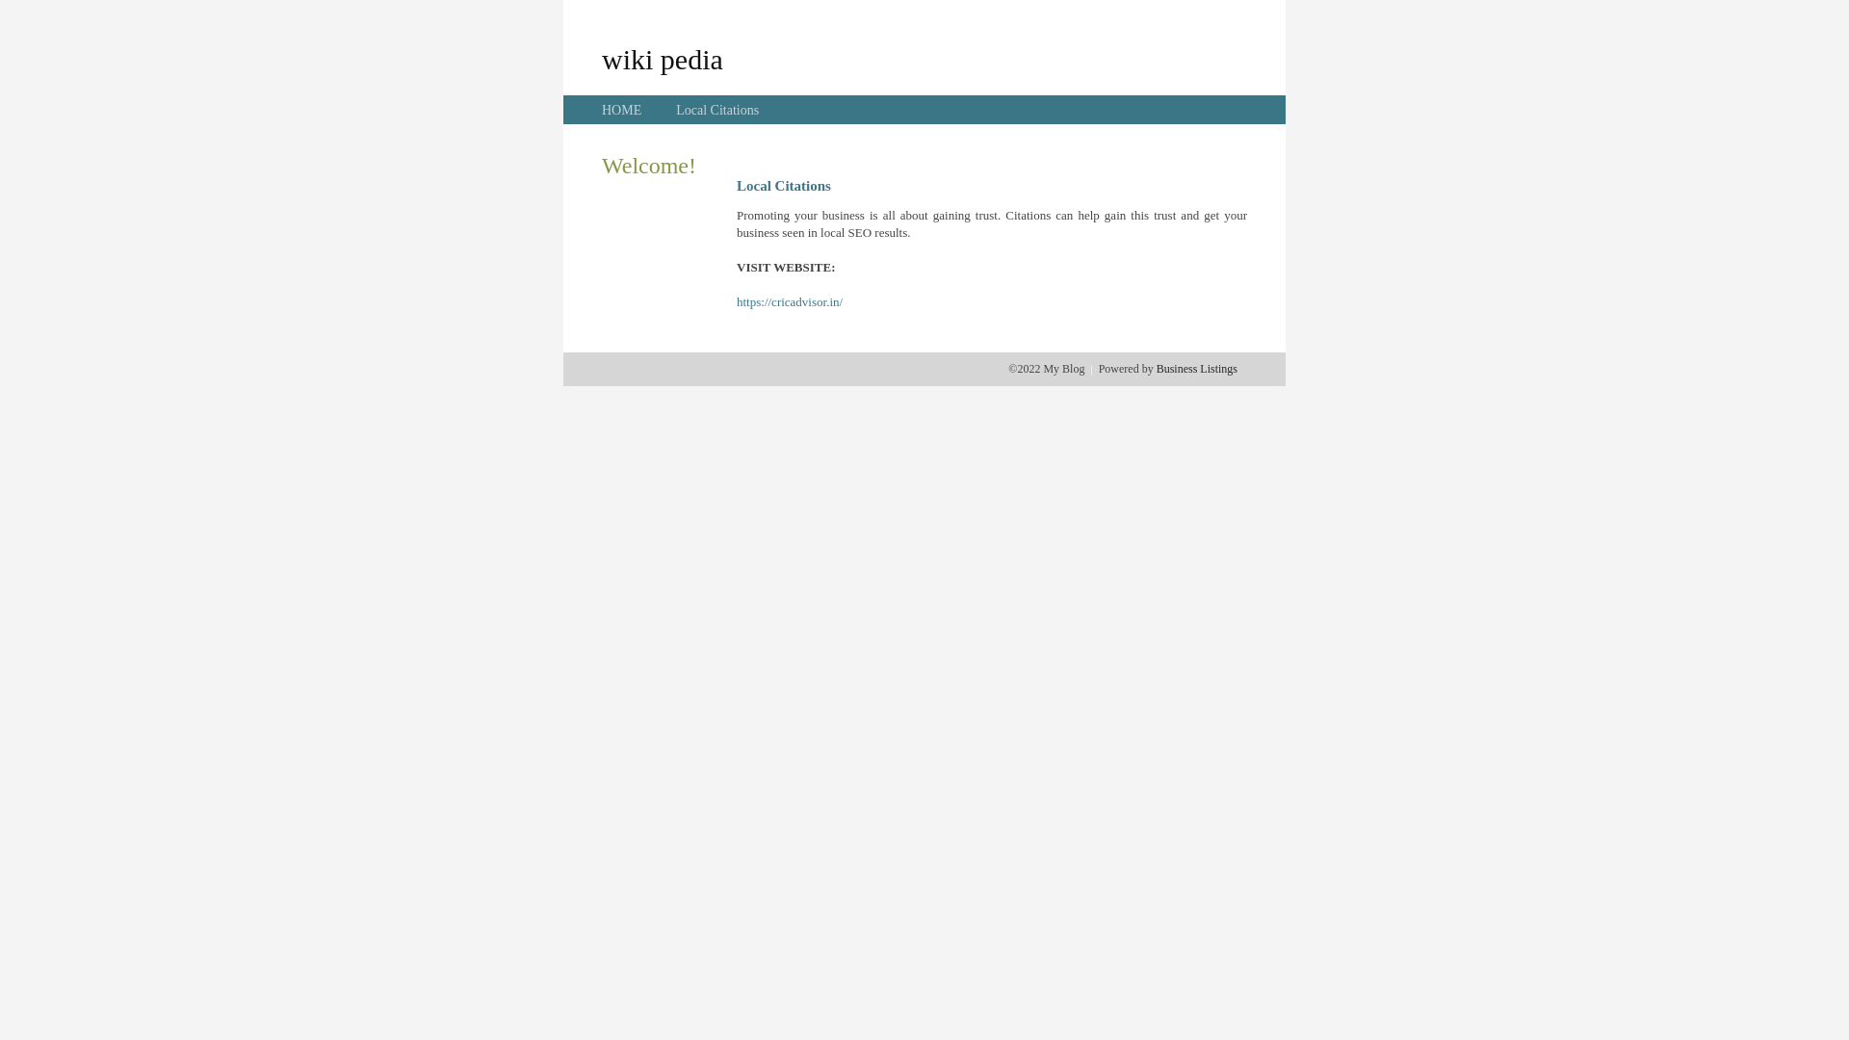 The image size is (1849, 1040). I want to click on 'wiki pedia', so click(600, 58).